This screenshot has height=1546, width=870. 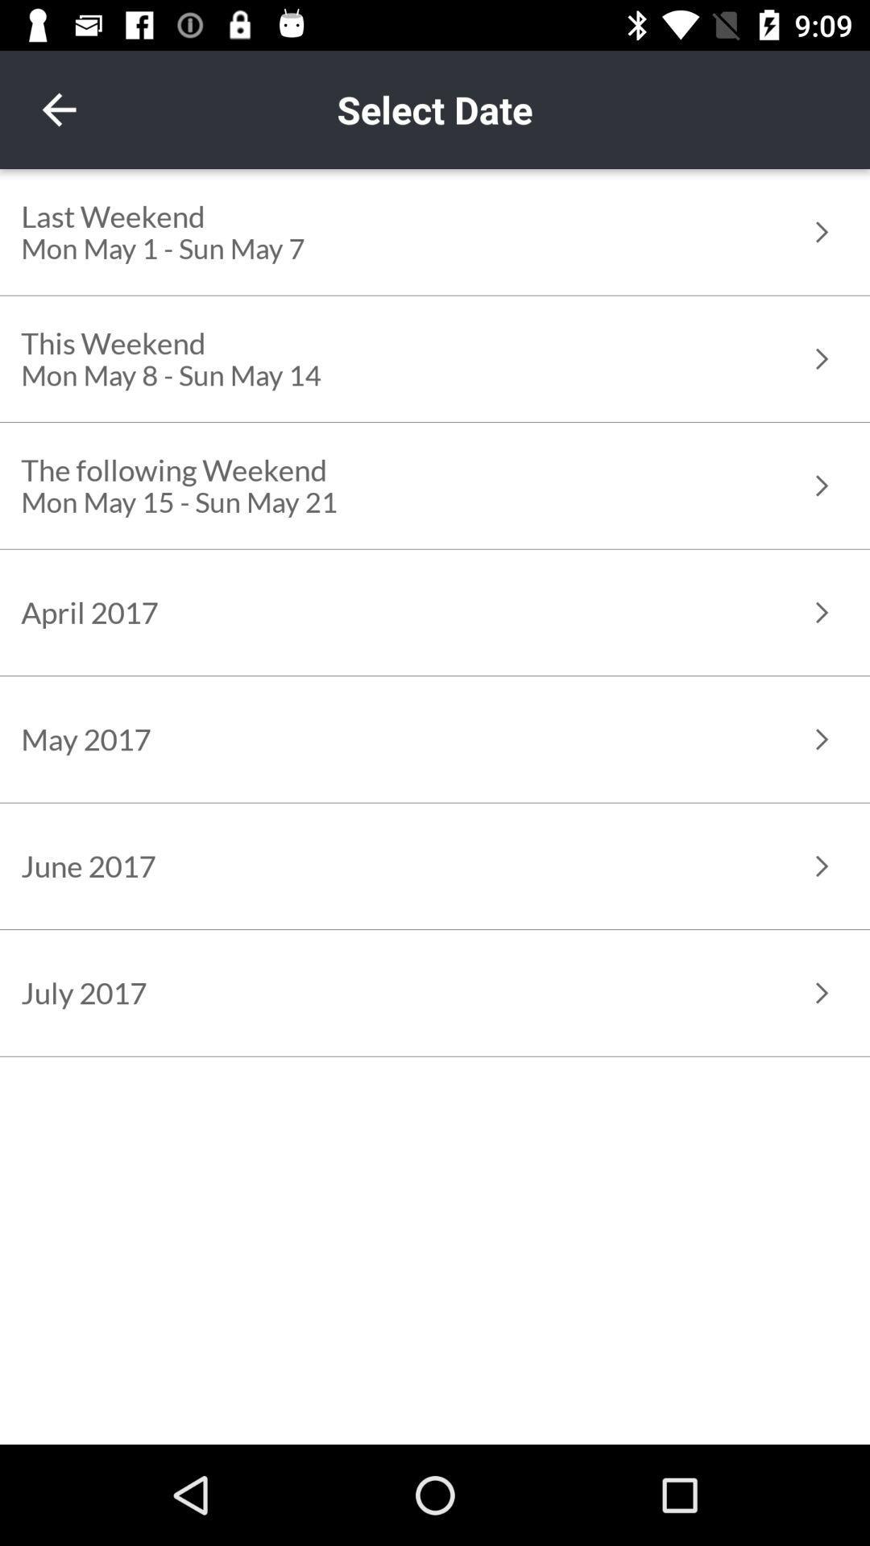 I want to click on the item to the left of the select date item, so click(x=58, y=109).